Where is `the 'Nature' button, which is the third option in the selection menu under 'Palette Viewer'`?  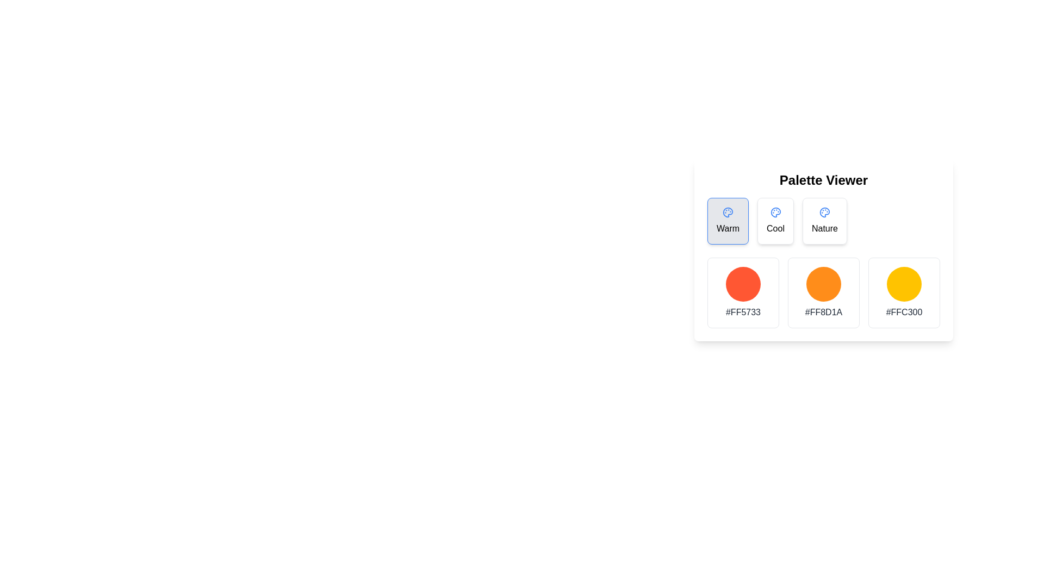
the 'Nature' button, which is the third option in the selection menu under 'Palette Viewer' is located at coordinates (824, 212).